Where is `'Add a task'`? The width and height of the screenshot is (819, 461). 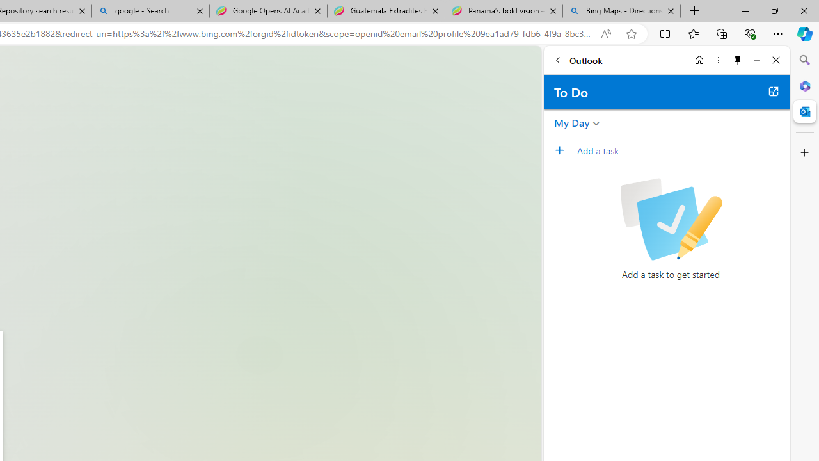 'Add a task' is located at coordinates (563, 150).